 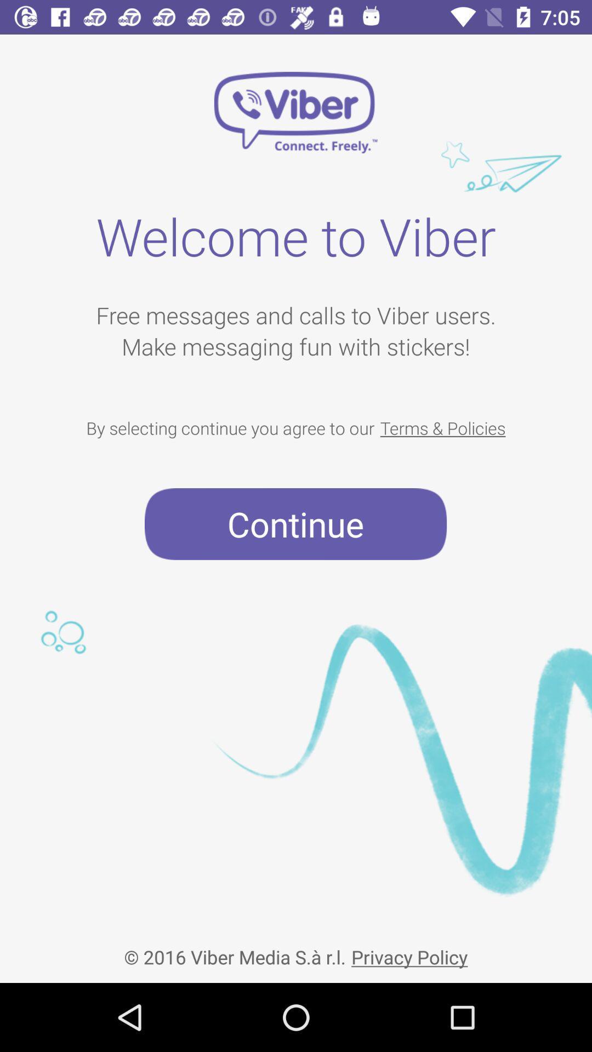 I want to click on the terms & policies, so click(x=442, y=427).